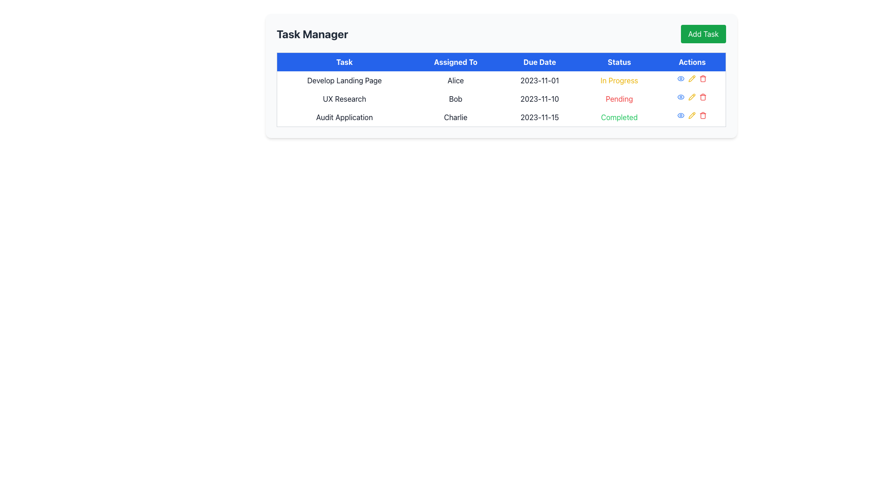 The height and width of the screenshot is (497, 884). Describe the element at coordinates (681, 78) in the screenshot. I see `the blue eye icon in the first row of the 'Actions' column of the task table` at that location.